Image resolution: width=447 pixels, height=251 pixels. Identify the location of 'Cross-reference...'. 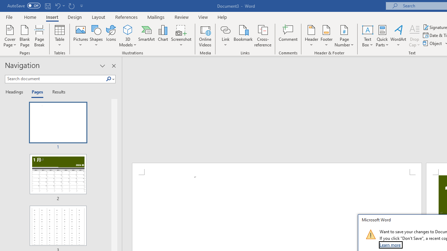
(262, 36).